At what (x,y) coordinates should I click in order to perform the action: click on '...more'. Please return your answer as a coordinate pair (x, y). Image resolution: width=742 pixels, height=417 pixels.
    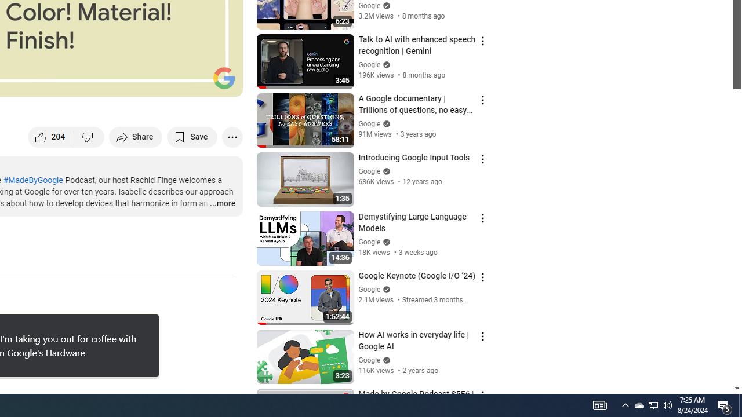
    Looking at the image, I should click on (222, 203).